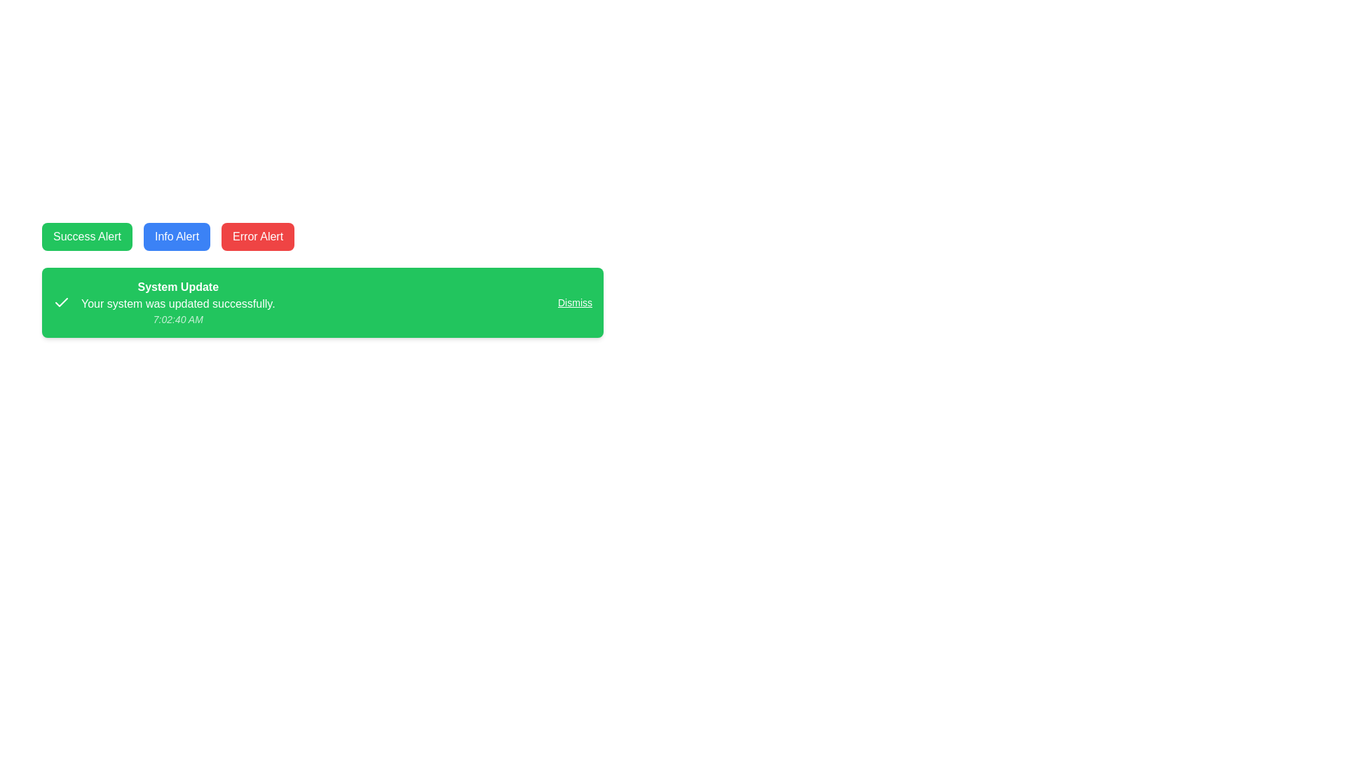 This screenshot has height=757, width=1346. I want to click on the informational text block that displays 'System Update', 'Your system was updated successfully.', and '7:02:40 AM' on a green background, so click(177, 302).